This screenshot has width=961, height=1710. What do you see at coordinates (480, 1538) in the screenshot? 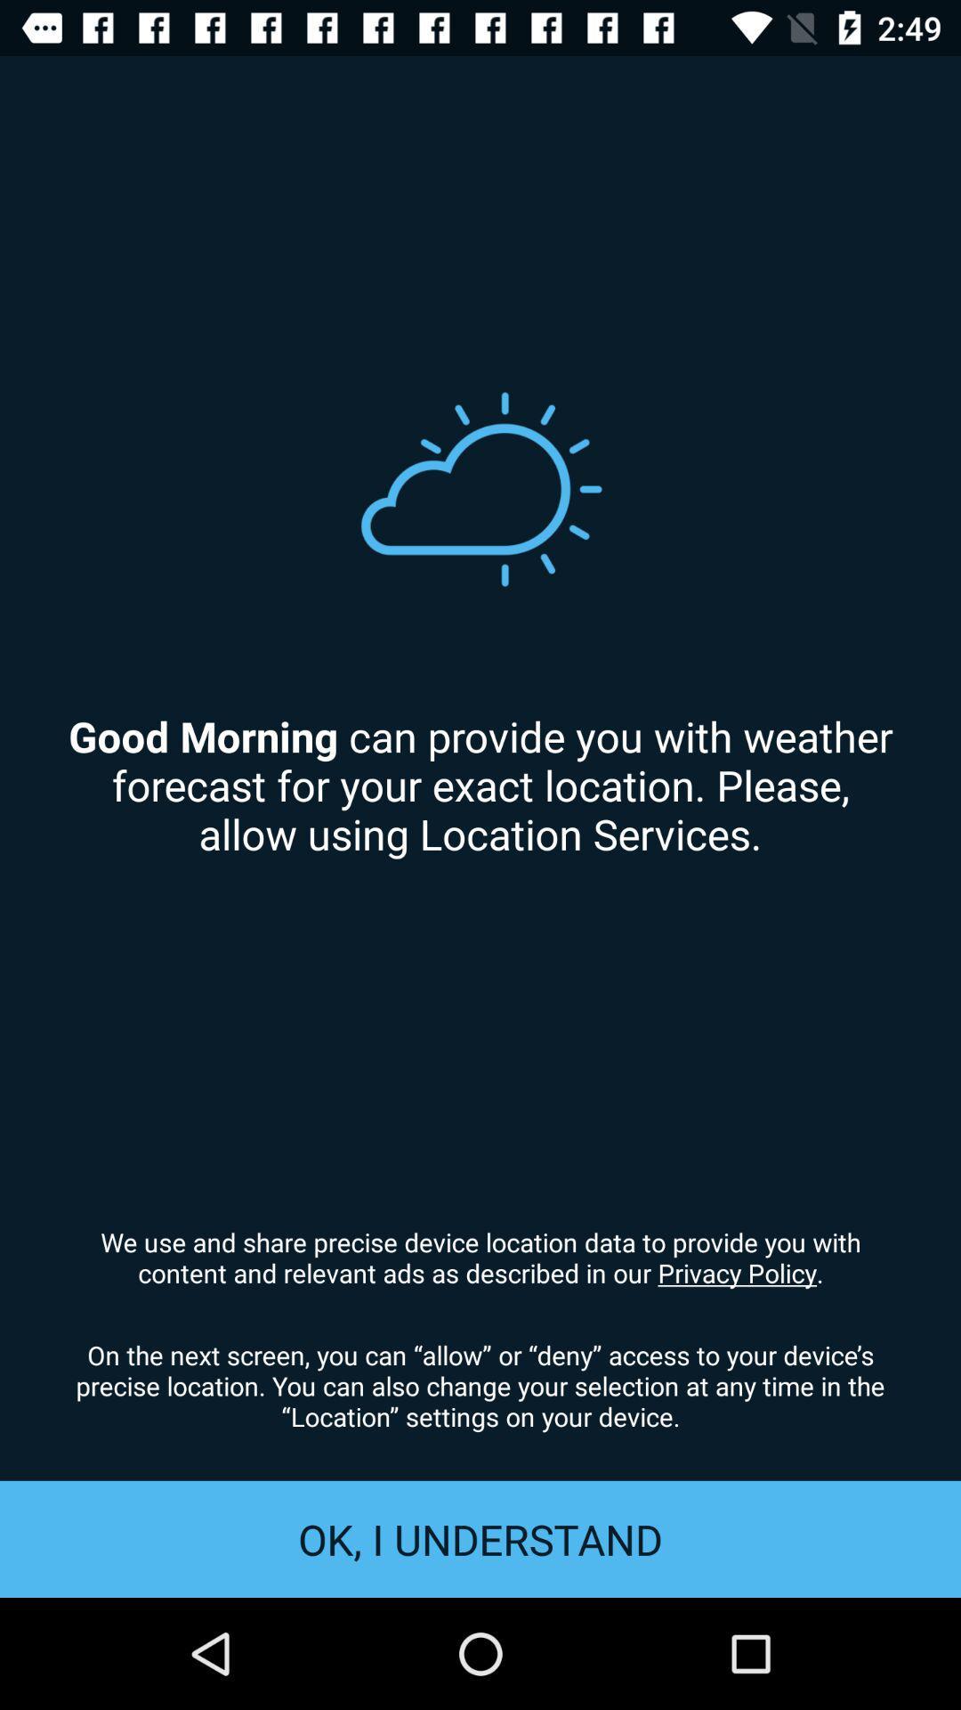
I see `the ok, i understand icon` at bounding box center [480, 1538].